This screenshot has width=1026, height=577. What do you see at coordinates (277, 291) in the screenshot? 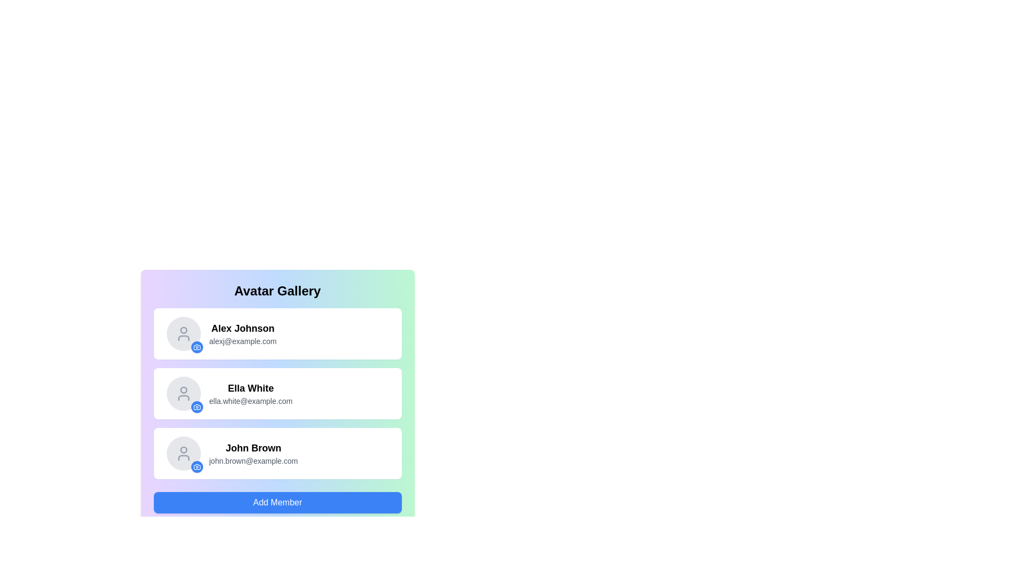
I see `heading 'Avatar Gallery' located at the top of the card with a gradient background, styled in bold 2xl font size` at bounding box center [277, 291].